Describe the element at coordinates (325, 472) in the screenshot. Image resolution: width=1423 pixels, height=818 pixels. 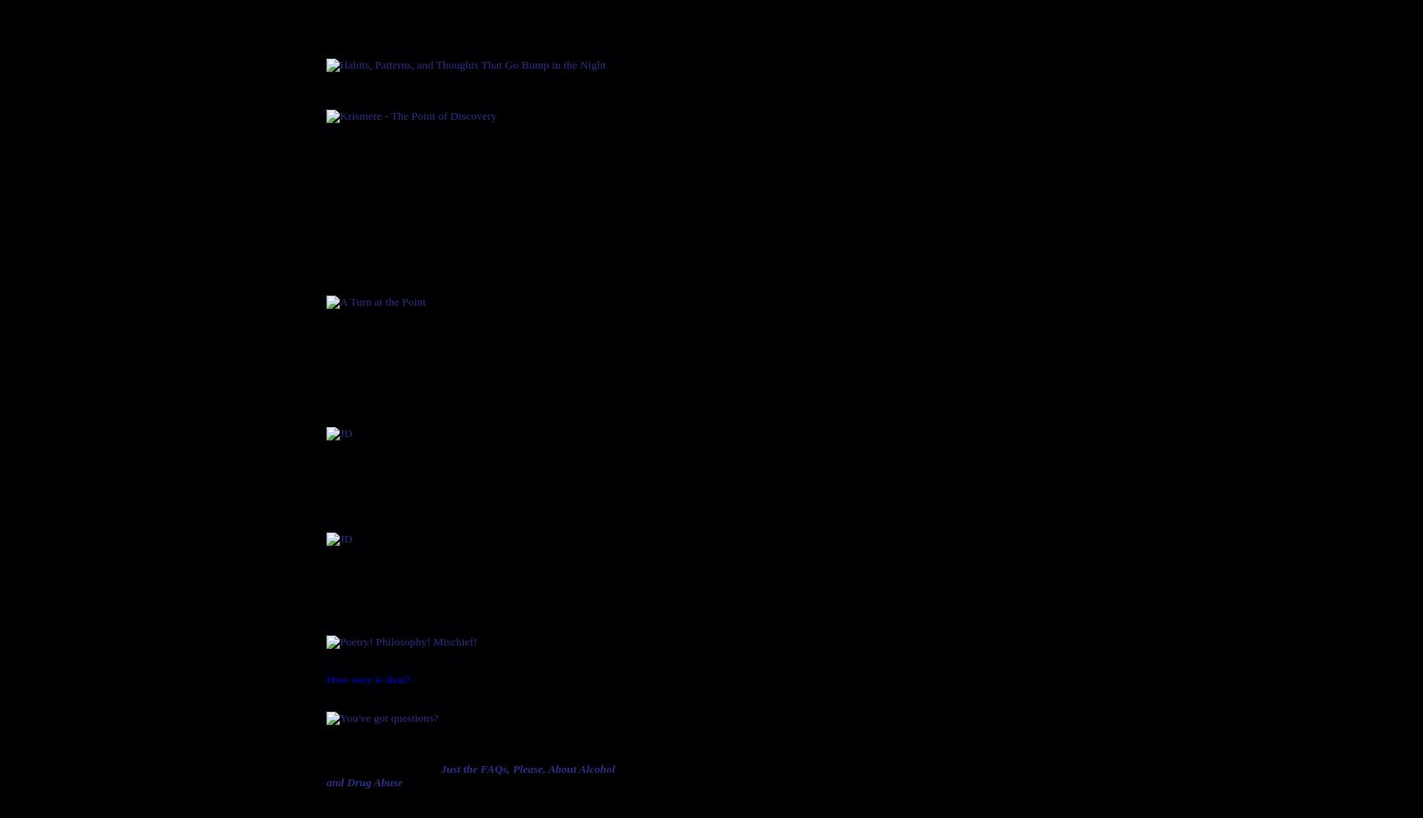
I see `'A two-act comedy about a divorced couple running against each other for Mayor of a small college town in Louisiana. Set on the Whispering Moss plantation, the comedy calls for three women and four men of various ages. The single set is contemporary and the time is the present.'` at that location.